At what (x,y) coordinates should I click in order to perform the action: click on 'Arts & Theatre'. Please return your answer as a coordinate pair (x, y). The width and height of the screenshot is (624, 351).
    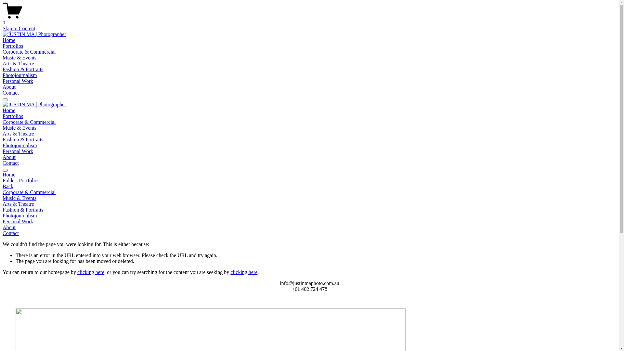
    Looking at the image, I should click on (18, 63).